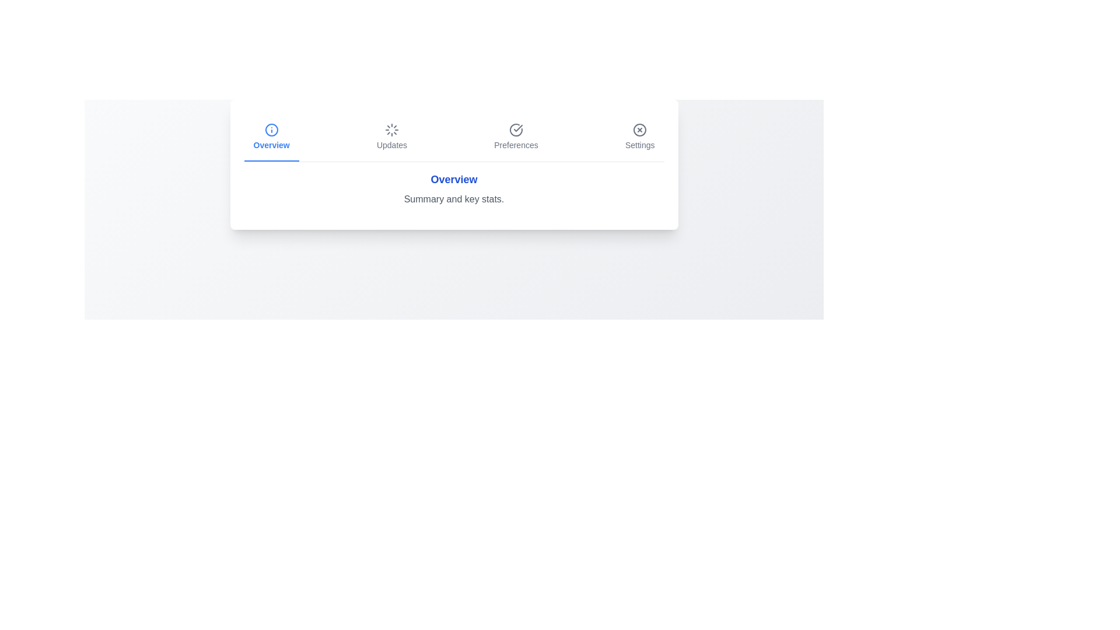  What do you see at coordinates (271, 136) in the screenshot?
I see `the tab labeled Overview to activate it` at bounding box center [271, 136].